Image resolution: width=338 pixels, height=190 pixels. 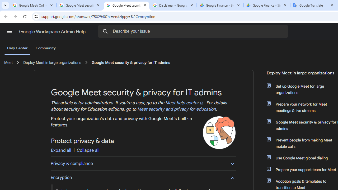 I want to click on 'Describe your issue', so click(x=194, y=31).